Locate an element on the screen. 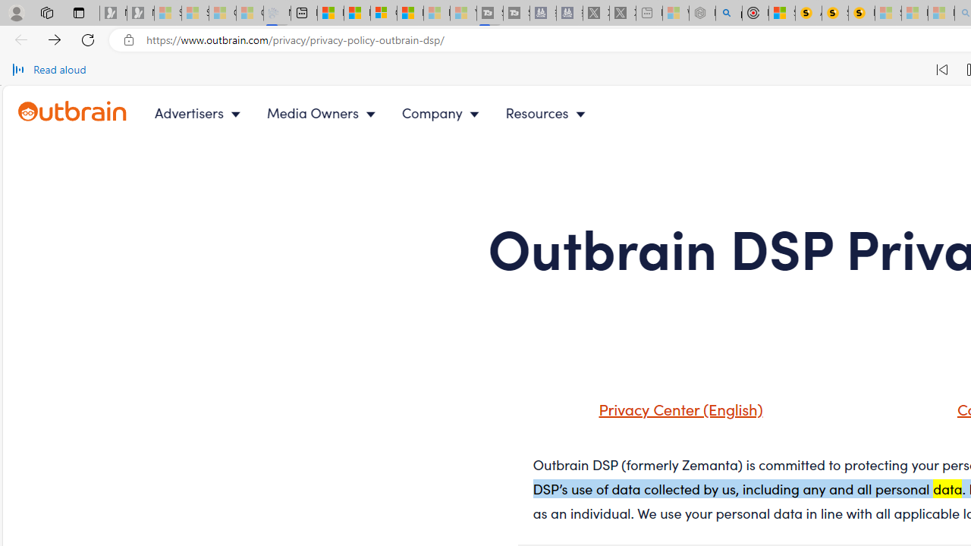  'Resources' is located at coordinates (548, 112).